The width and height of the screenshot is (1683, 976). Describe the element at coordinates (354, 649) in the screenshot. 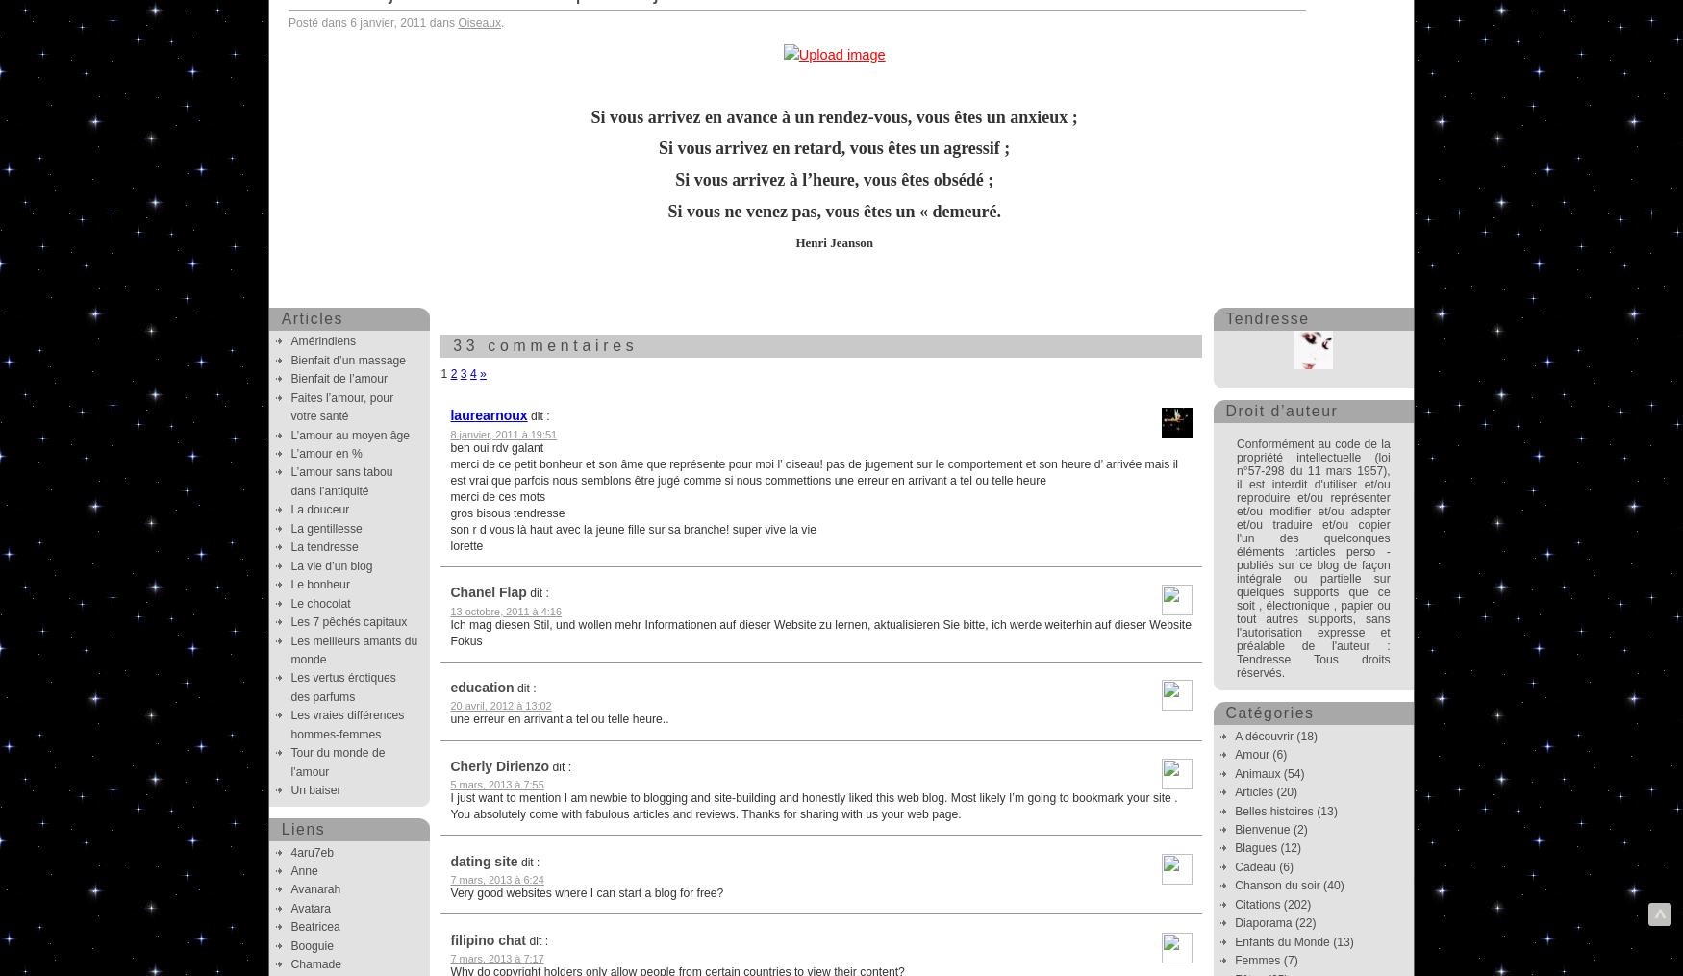

I see `'Les meilleurs amants du monde'` at that location.